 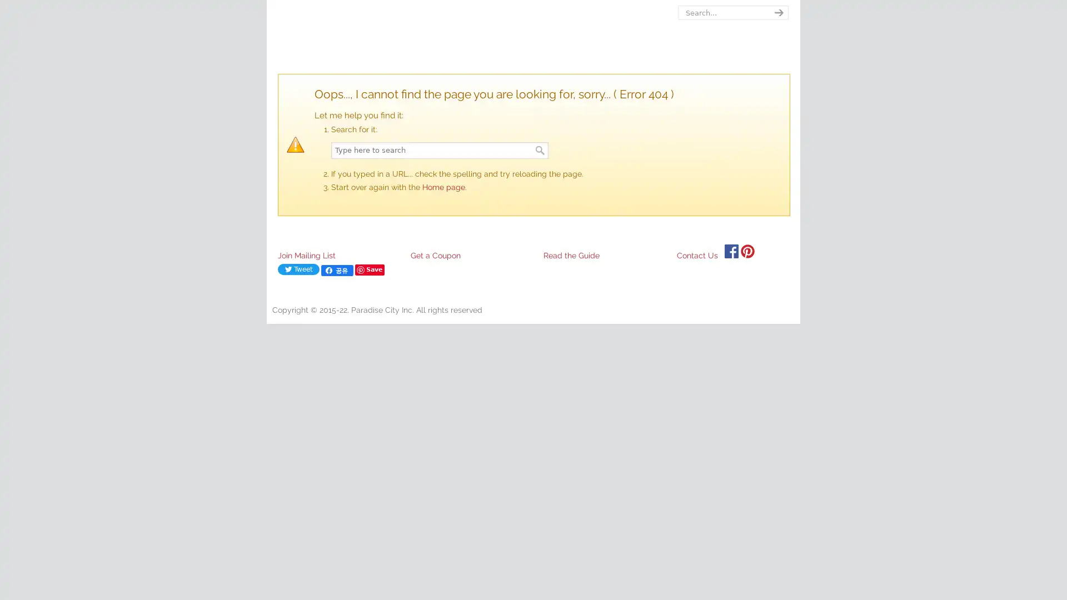 What do you see at coordinates (540, 149) in the screenshot?
I see `Search` at bounding box center [540, 149].